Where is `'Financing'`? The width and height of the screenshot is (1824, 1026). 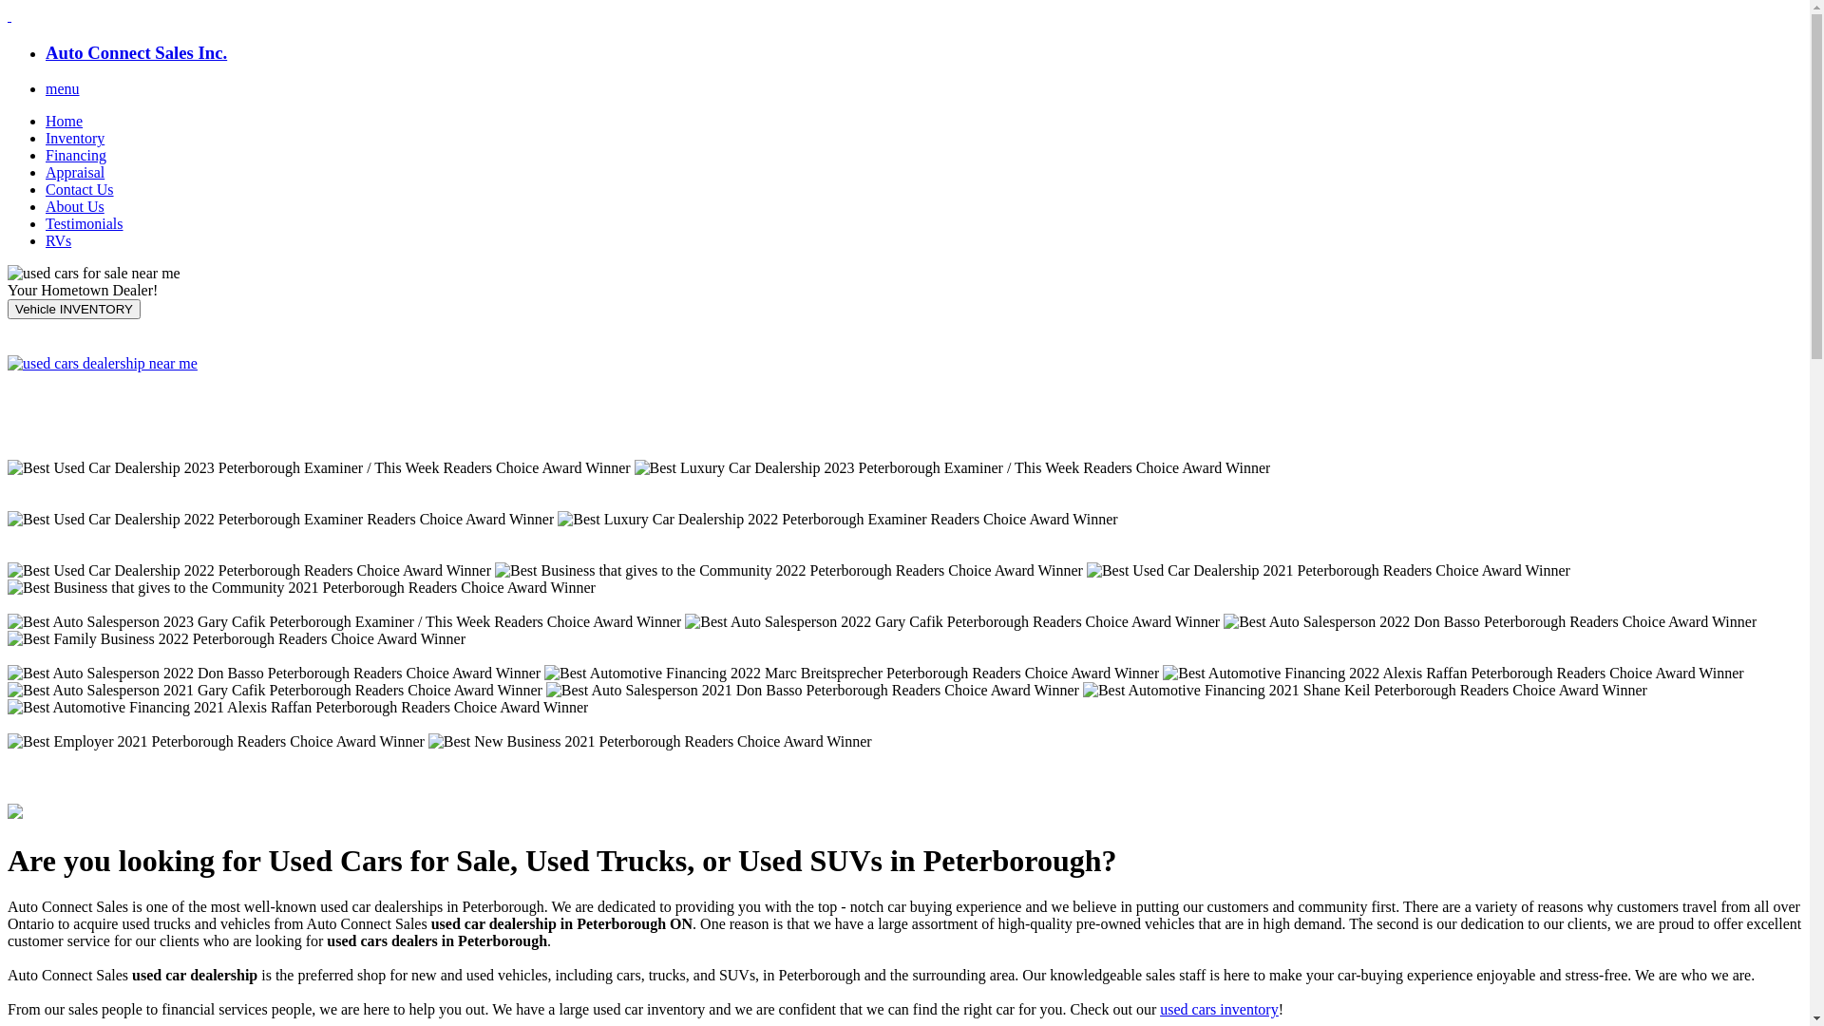
'Financing' is located at coordinates (76, 154).